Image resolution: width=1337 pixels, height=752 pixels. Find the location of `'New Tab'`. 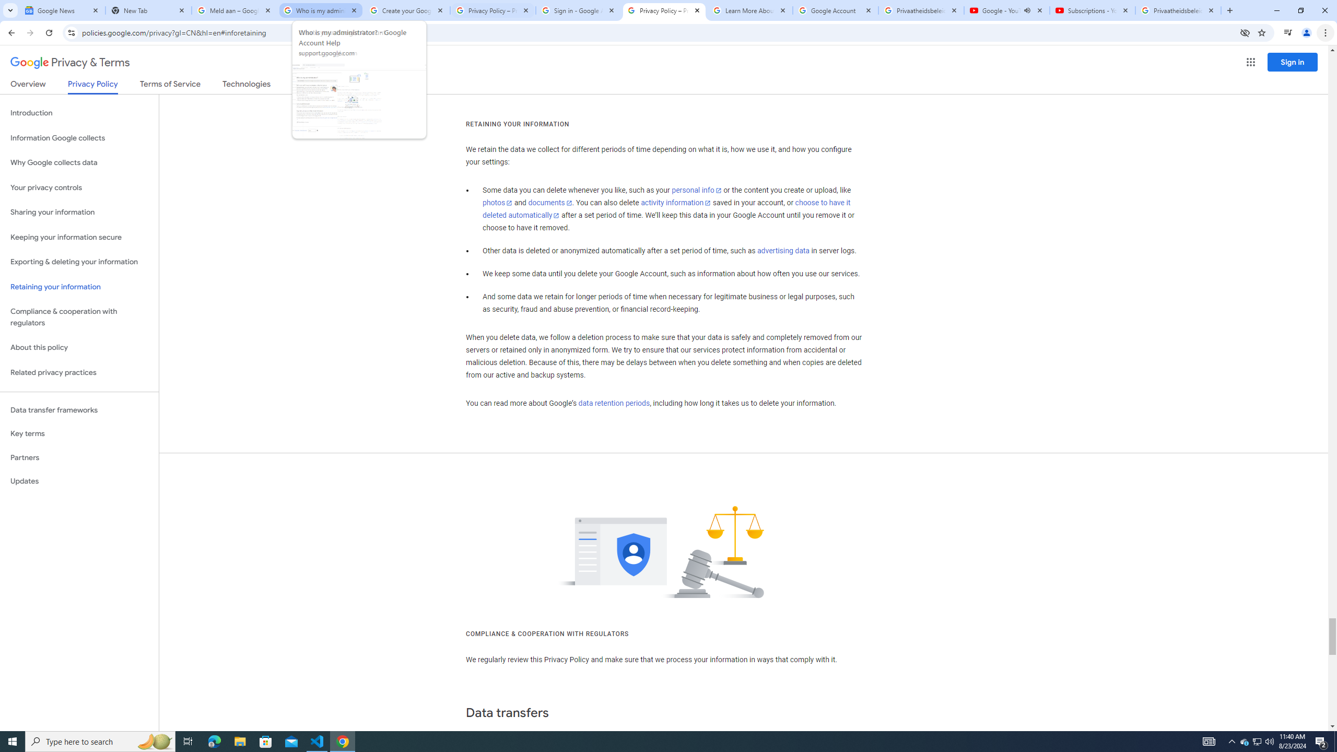

'New Tab' is located at coordinates (148, 10).